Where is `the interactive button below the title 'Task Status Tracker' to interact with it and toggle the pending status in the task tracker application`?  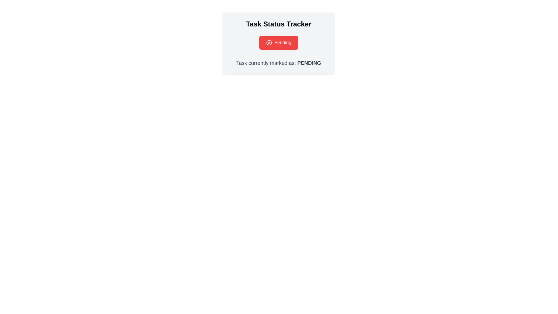 the interactive button below the title 'Task Status Tracker' to interact with it and toggle the pending status in the task tracker application is located at coordinates (278, 42).